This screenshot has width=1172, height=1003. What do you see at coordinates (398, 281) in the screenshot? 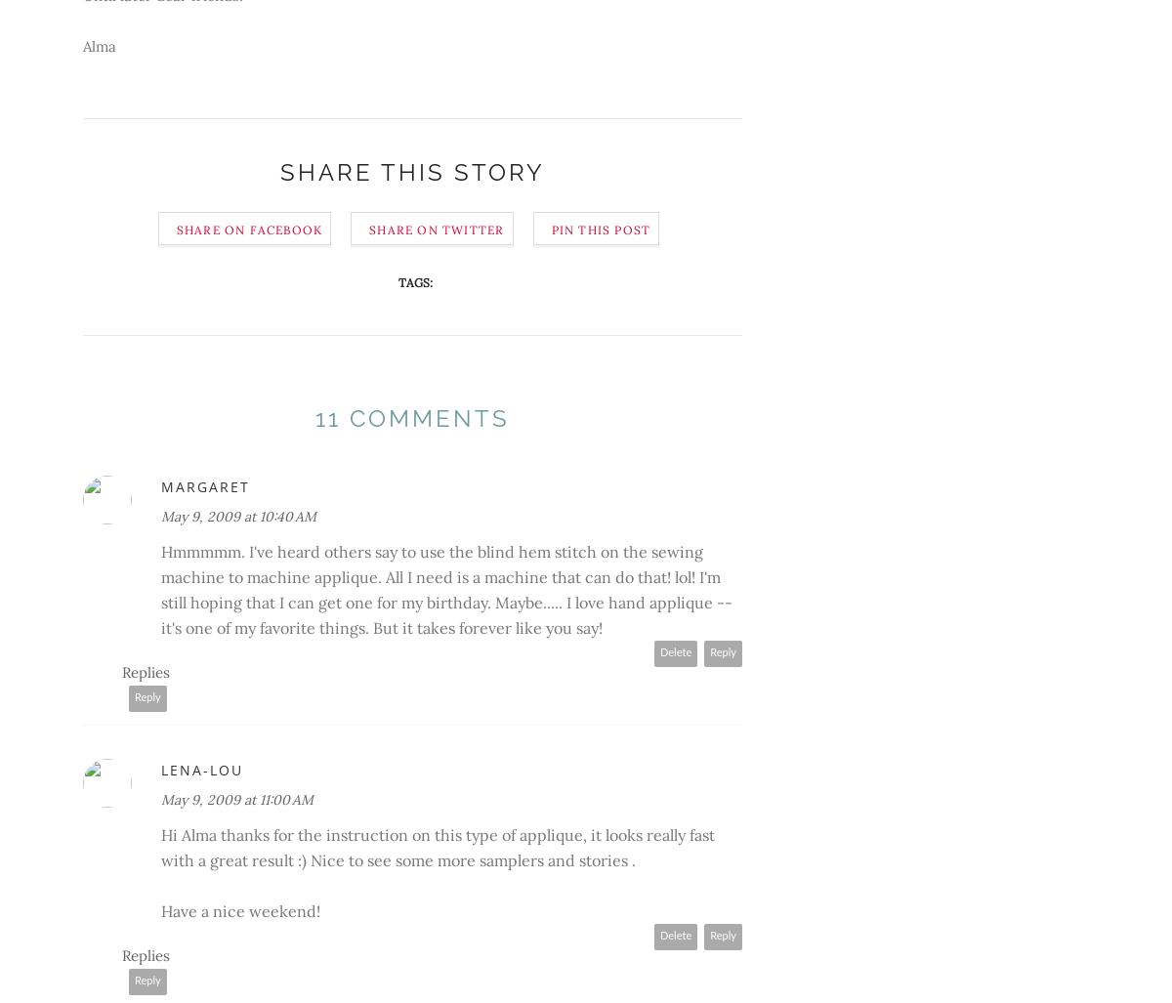
I see `'Tags:'` at bounding box center [398, 281].